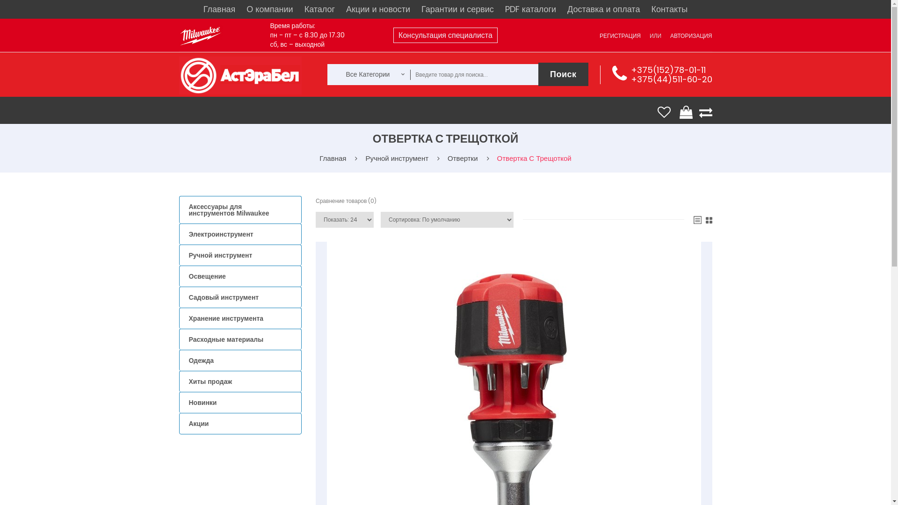 The width and height of the screenshot is (898, 505). I want to click on '+375(152)78-01-11', so click(630, 69).